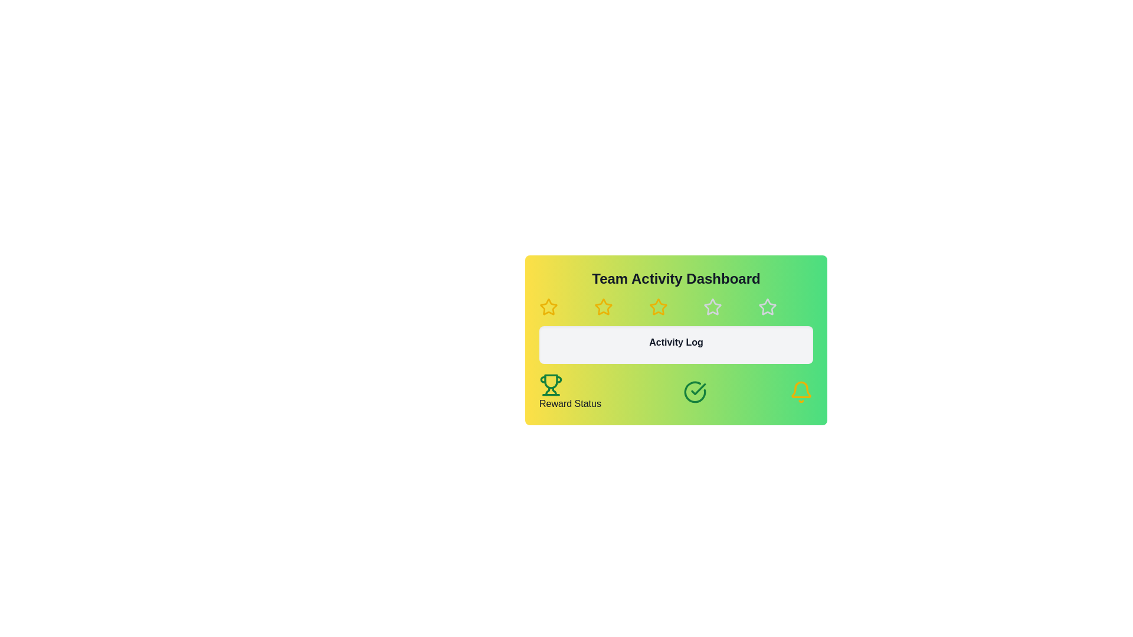 This screenshot has height=637, width=1133. What do you see at coordinates (801, 389) in the screenshot?
I see `the iconic bell shape element located at the bottom-right corner of the 'Team Activity Dashboard' panel, styled with bright yellow and green hues` at bounding box center [801, 389].